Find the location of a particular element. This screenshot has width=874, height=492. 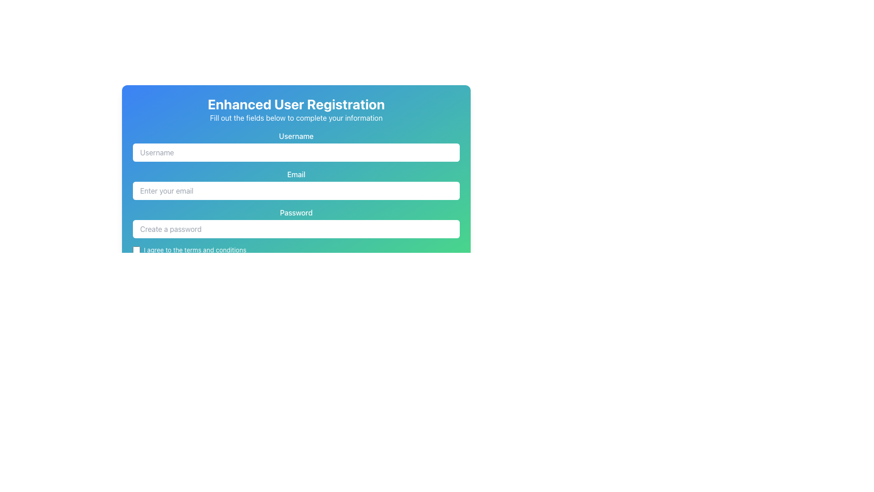

the email input field located below the 'Username' field and above the 'Password' field is located at coordinates (296, 184).